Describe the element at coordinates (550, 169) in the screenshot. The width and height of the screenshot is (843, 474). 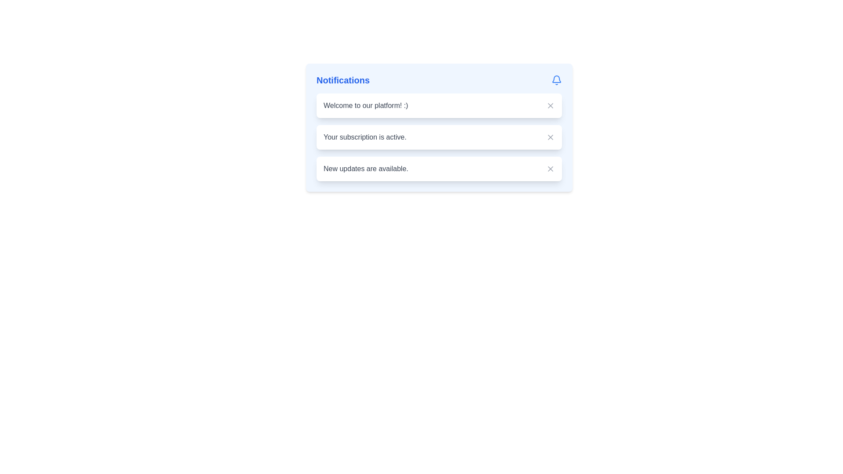
I see `the close icon of the third notification card located at the bottom of the notification list to dismiss the notification` at that location.